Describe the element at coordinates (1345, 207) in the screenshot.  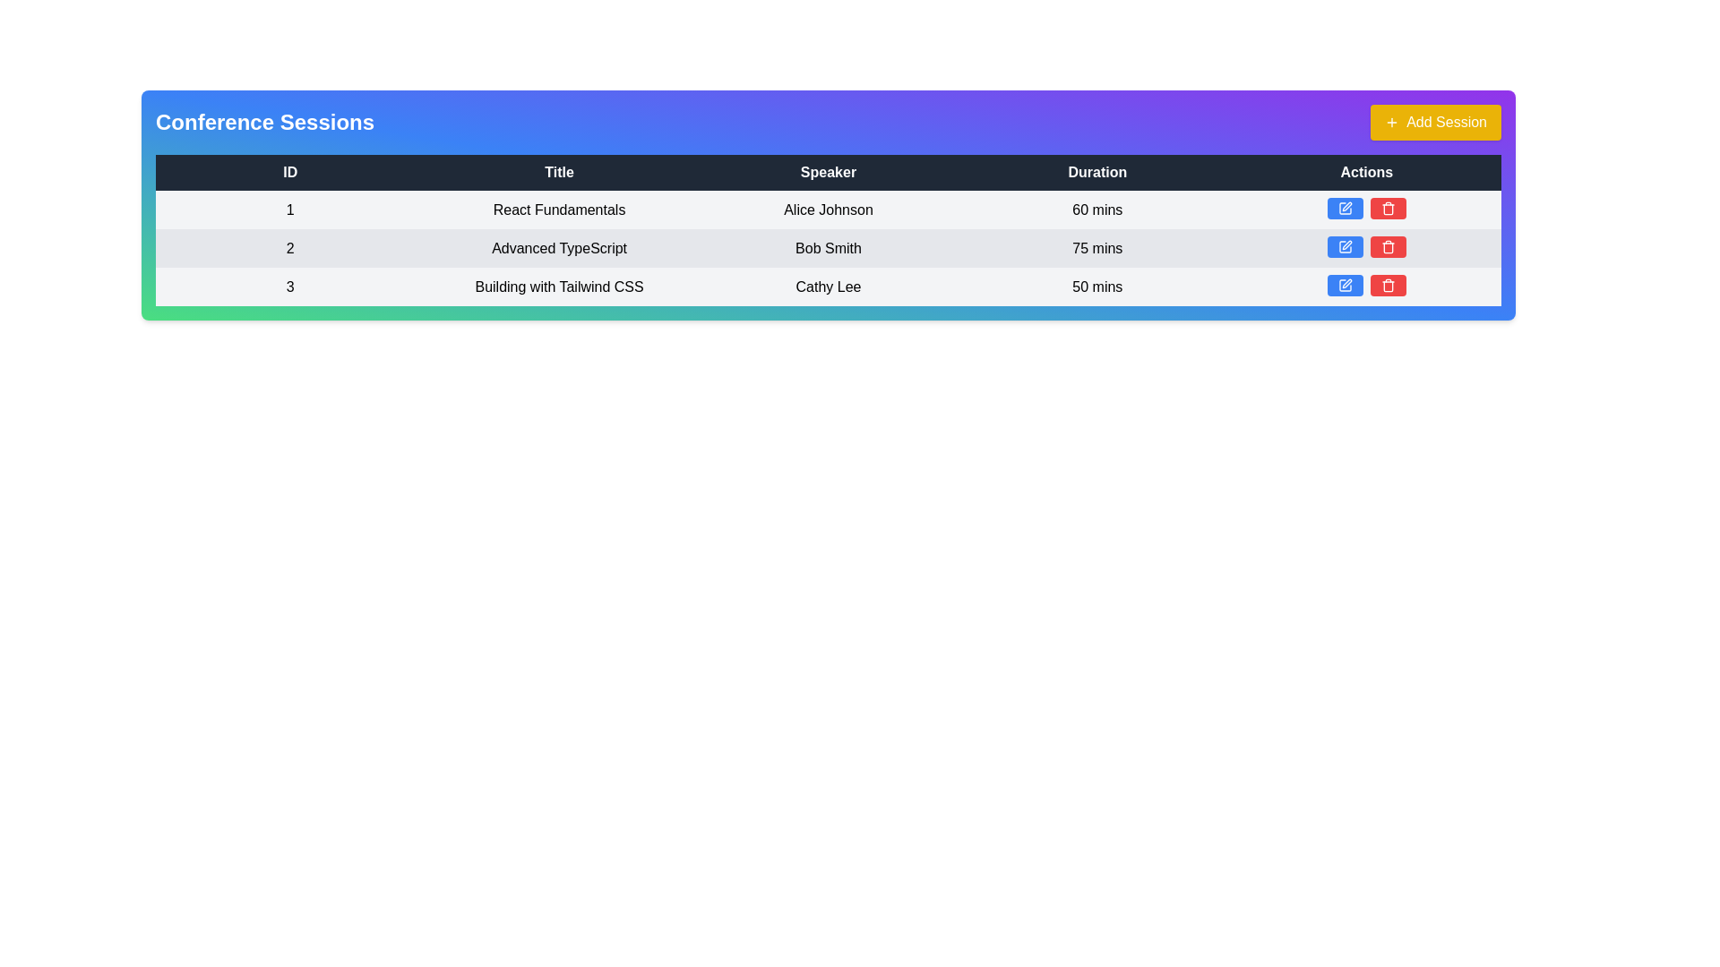
I see `the edit icon button in the 'Actions' column of the data table row for the conference session titled 'React Fundamentals'` at that location.